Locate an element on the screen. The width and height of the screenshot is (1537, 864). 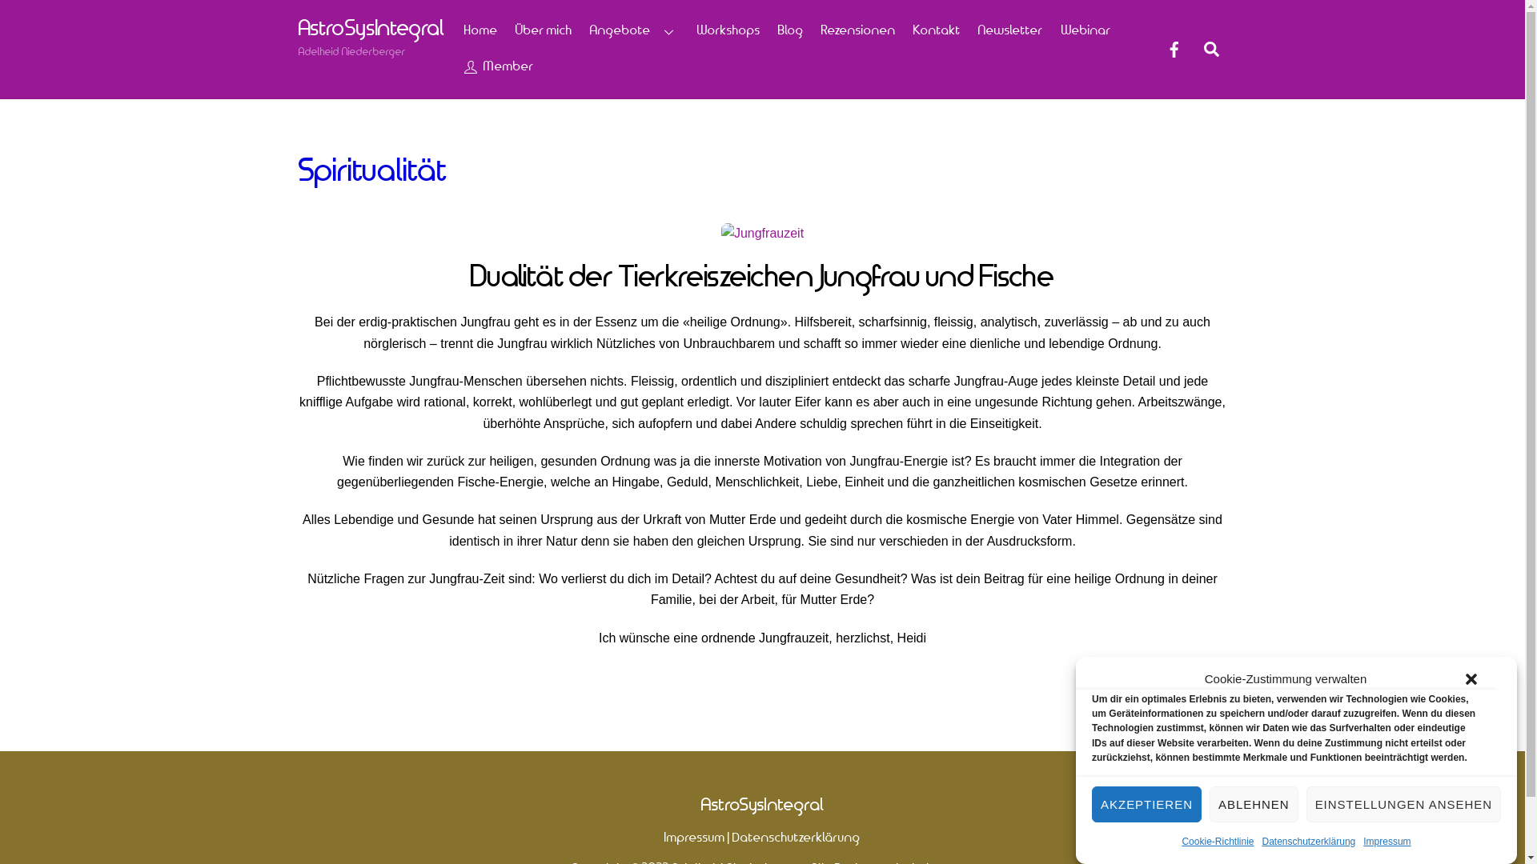
'Home' is located at coordinates (455, 30).